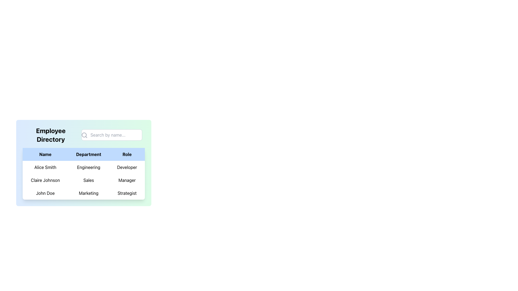  What do you see at coordinates (88, 180) in the screenshot?
I see `the static text label indicating the department 'Sales' for 'Claire Johnson' in the employee directory` at bounding box center [88, 180].